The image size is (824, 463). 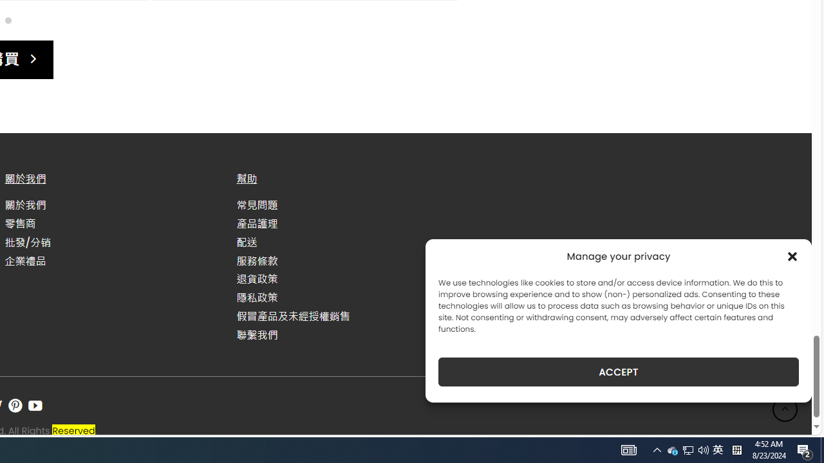 What do you see at coordinates (785, 409) in the screenshot?
I see `'Go to top'` at bounding box center [785, 409].